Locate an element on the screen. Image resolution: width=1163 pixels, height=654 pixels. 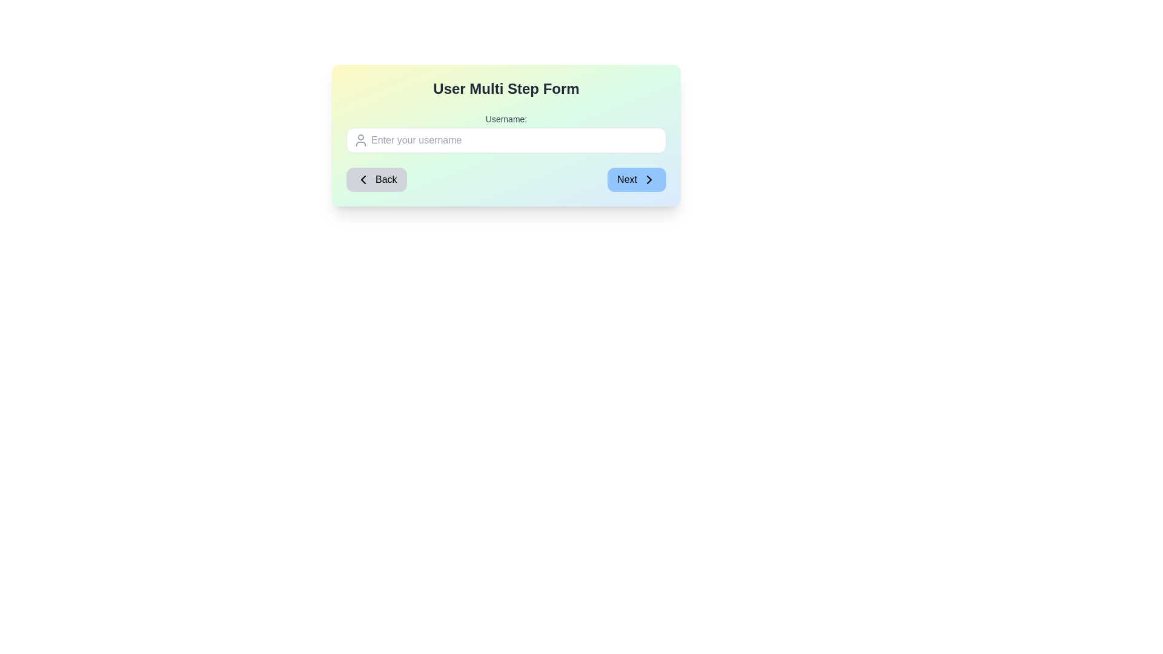
the rectangular 'Back' button with rounded corners, which has a light gray background and a leftward-pointing chevron icon followed by the text 'Back', to trigger a visual change is located at coordinates (376, 180).